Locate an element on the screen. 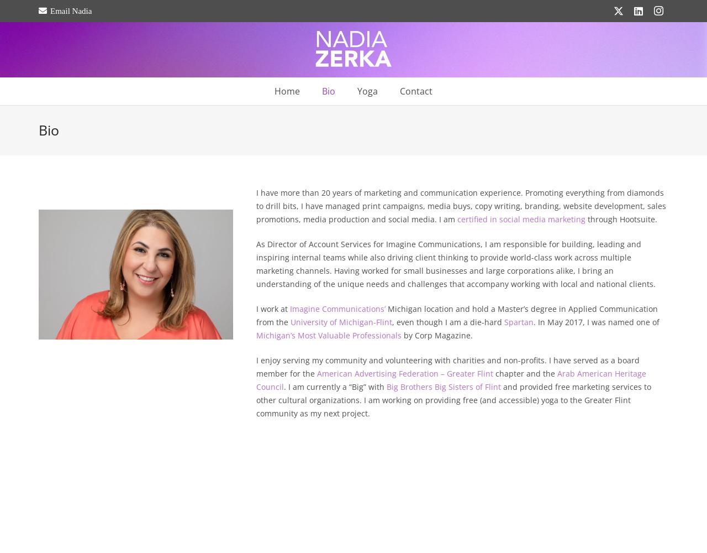 Image resolution: width=707 pixels, height=553 pixels. 'Michigan location and hold a Master’s degree in Applied Communication from the' is located at coordinates (456, 315).